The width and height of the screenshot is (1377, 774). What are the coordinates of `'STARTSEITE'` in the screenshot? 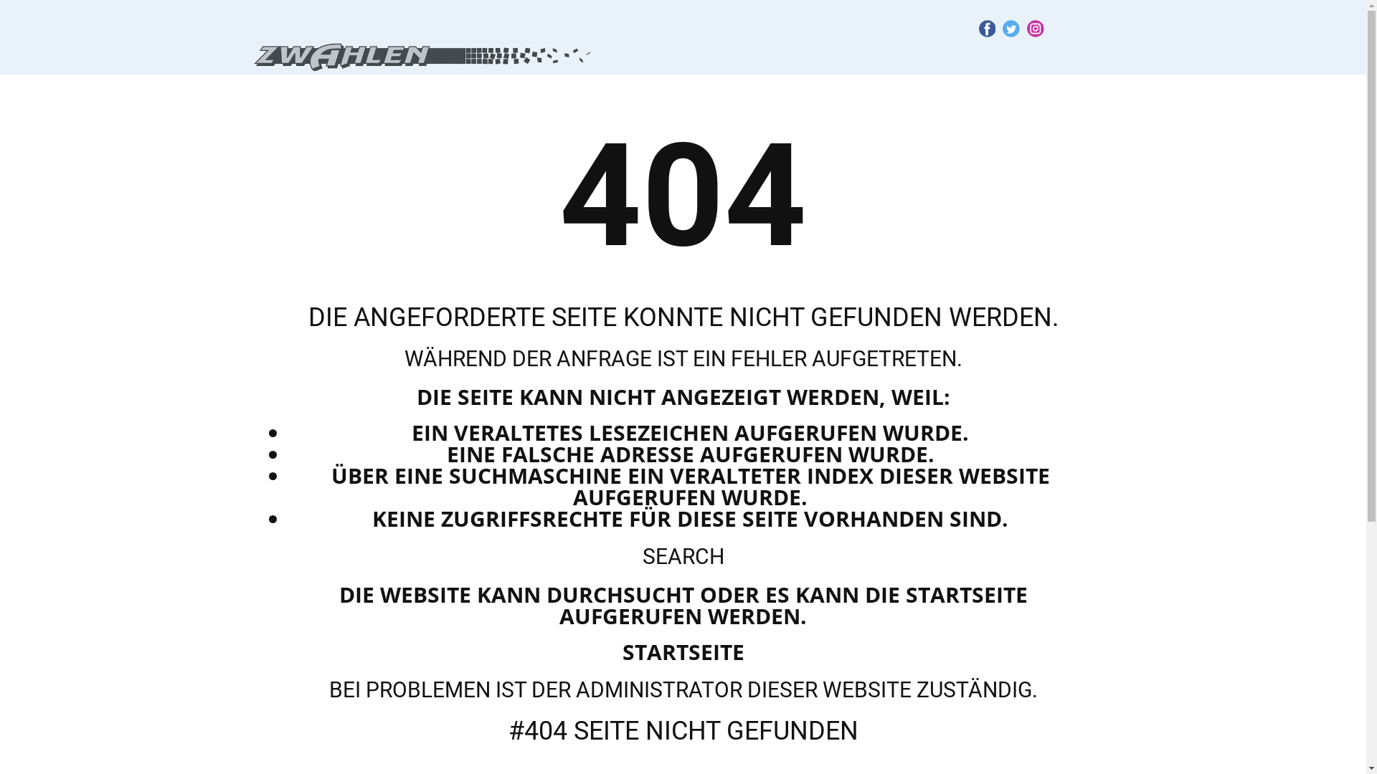 It's located at (683, 651).